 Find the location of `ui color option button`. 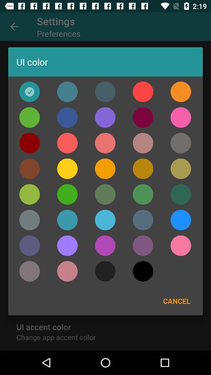

ui color option button is located at coordinates (181, 169).